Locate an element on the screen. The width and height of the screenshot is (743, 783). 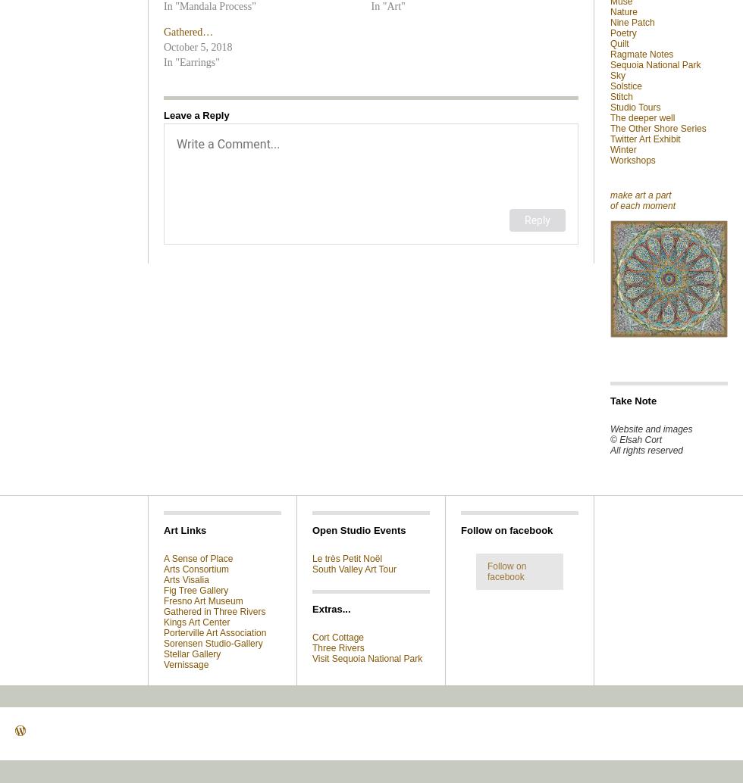
'Poetry' is located at coordinates (623, 33).